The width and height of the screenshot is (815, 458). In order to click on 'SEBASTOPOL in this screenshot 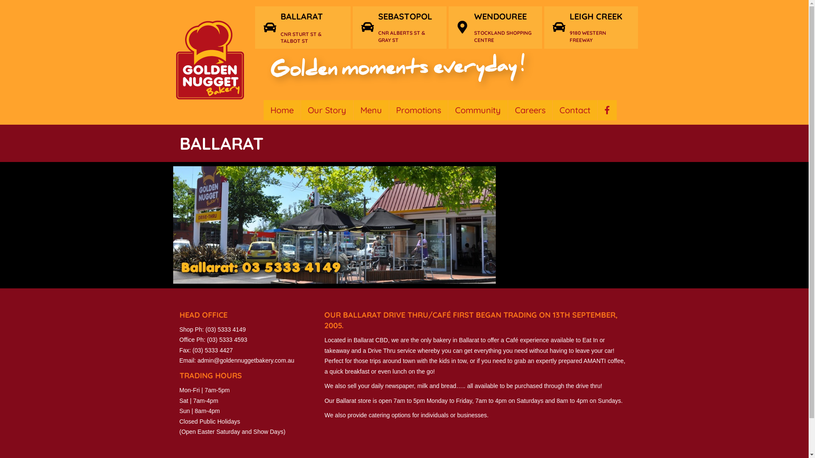, I will do `click(408, 27)`.